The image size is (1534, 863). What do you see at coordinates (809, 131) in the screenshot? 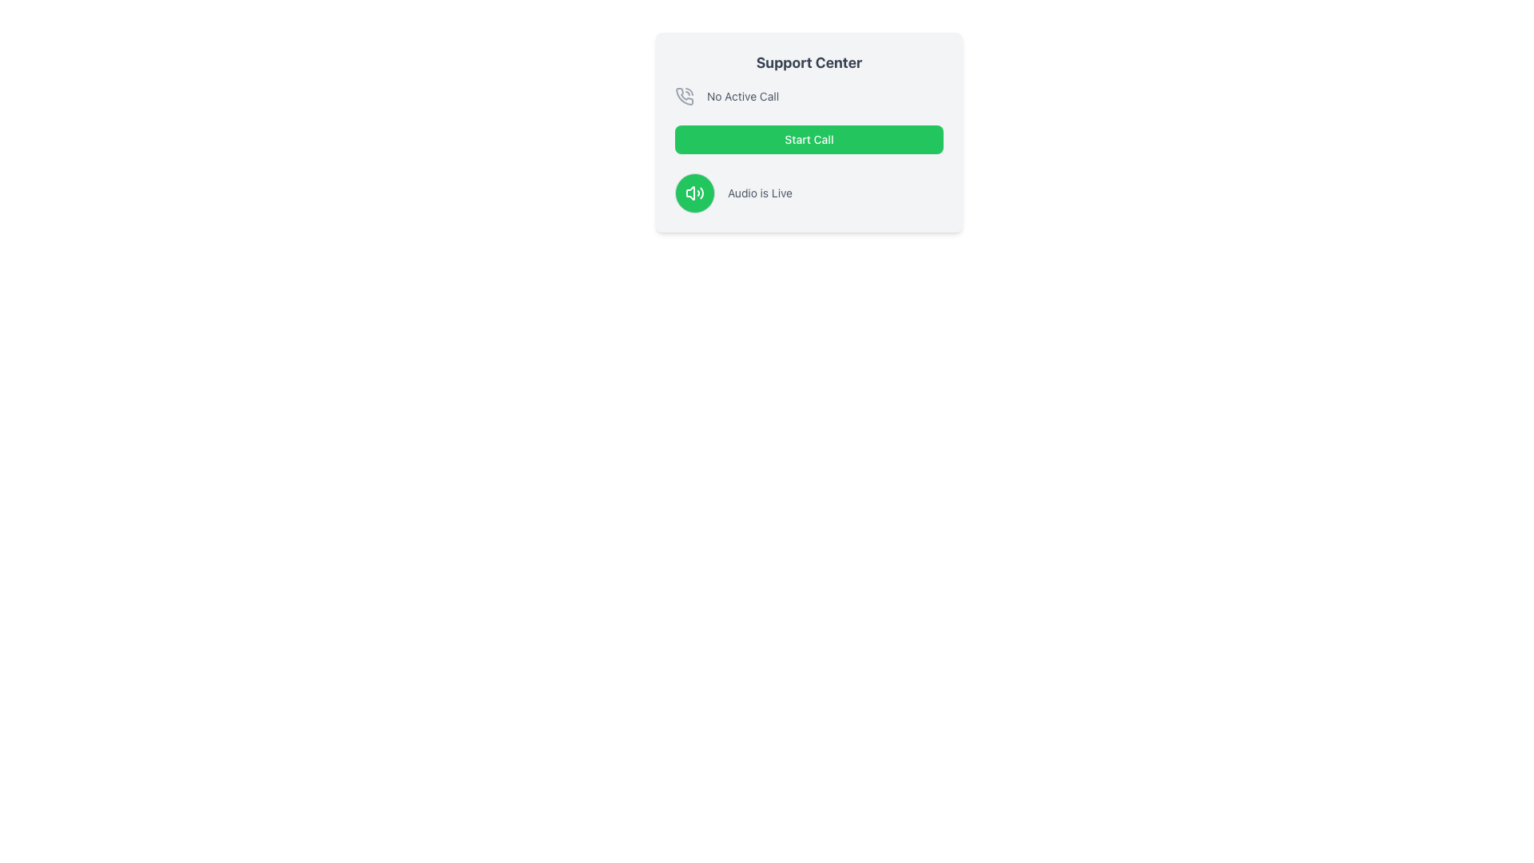
I see `the call initiation button located centrally below the 'No Active Call' text and above the 'Audio is Live' section to receive visual feedback` at bounding box center [809, 131].